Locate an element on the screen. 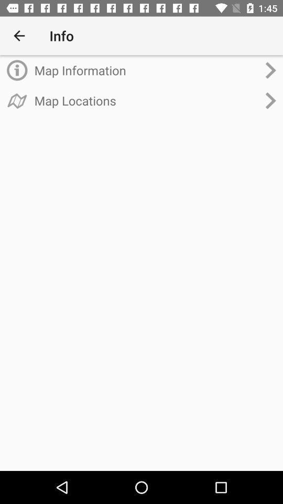 This screenshot has height=504, width=283. item next to the info is located at coordinates (19, 36).